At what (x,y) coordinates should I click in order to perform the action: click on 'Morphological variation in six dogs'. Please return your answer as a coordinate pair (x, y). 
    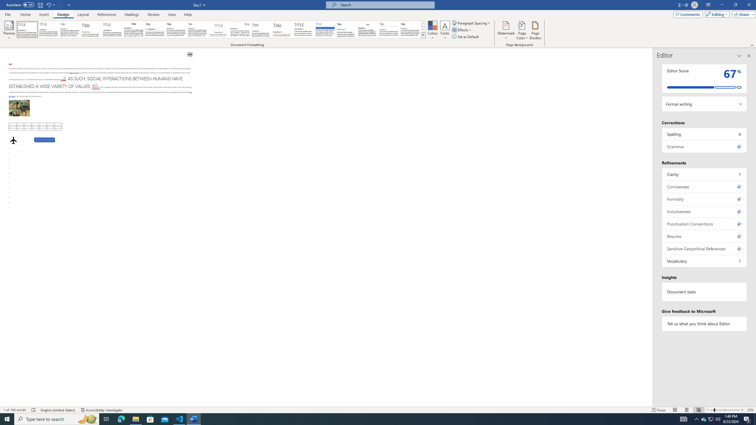
    Looking at the image, I should click on (19, 108).